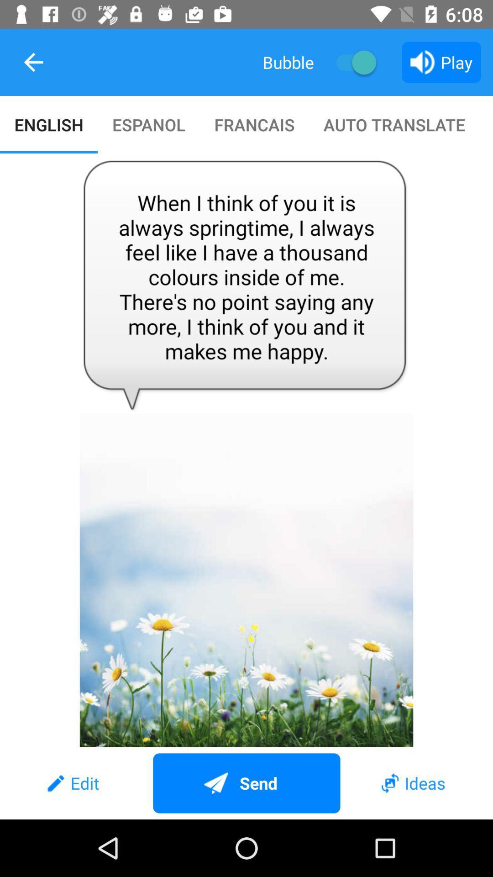  I want to click on item above auto translate item, so click(351, 62).